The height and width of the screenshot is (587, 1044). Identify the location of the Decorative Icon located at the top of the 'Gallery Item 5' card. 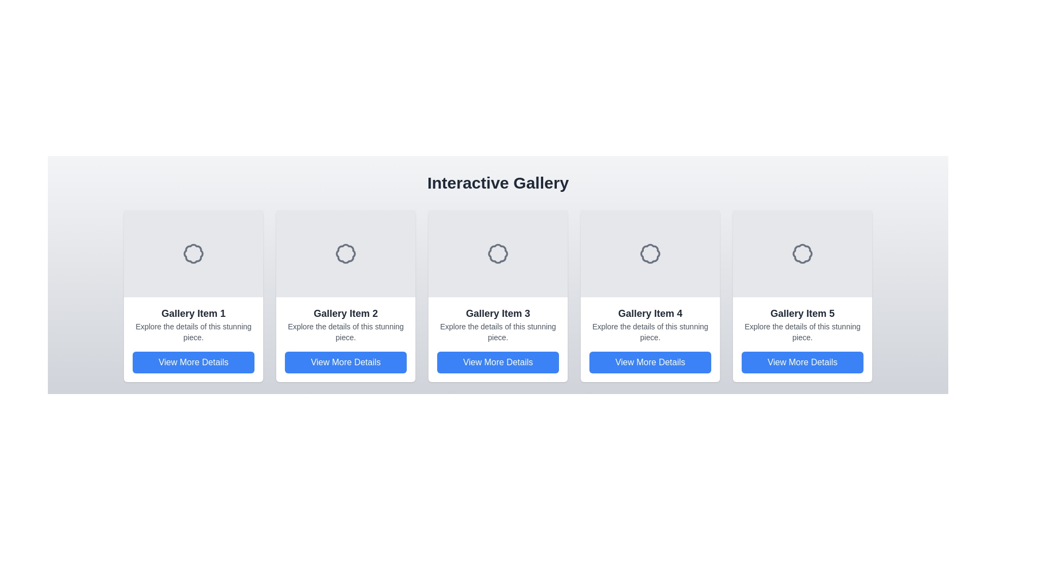
(803, 253).